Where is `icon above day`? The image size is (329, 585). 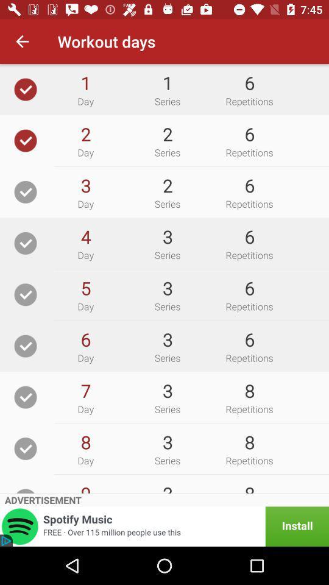 icon above day is located at coordinates (85, 390).